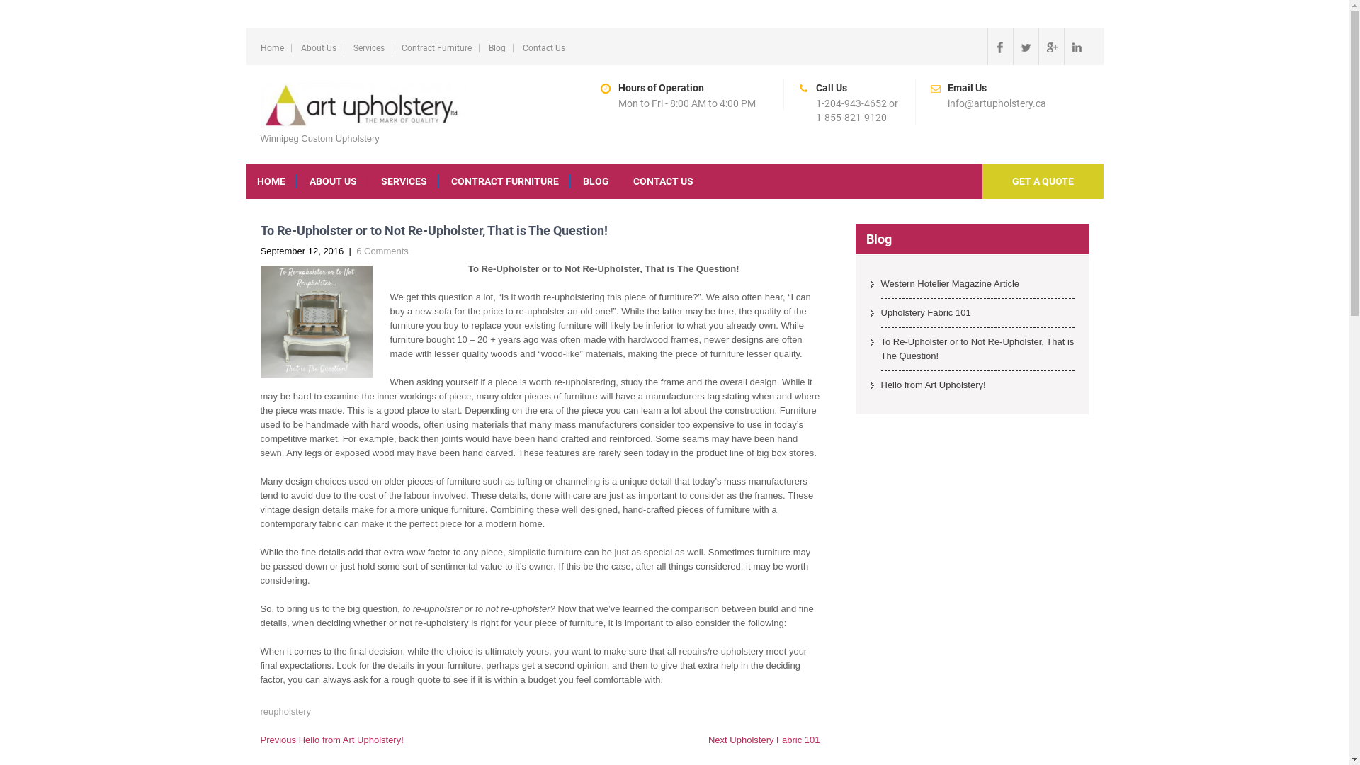  Describe the element at coordinates (1050, 45) in the screenshot. I see `'google-plus'` at that location.